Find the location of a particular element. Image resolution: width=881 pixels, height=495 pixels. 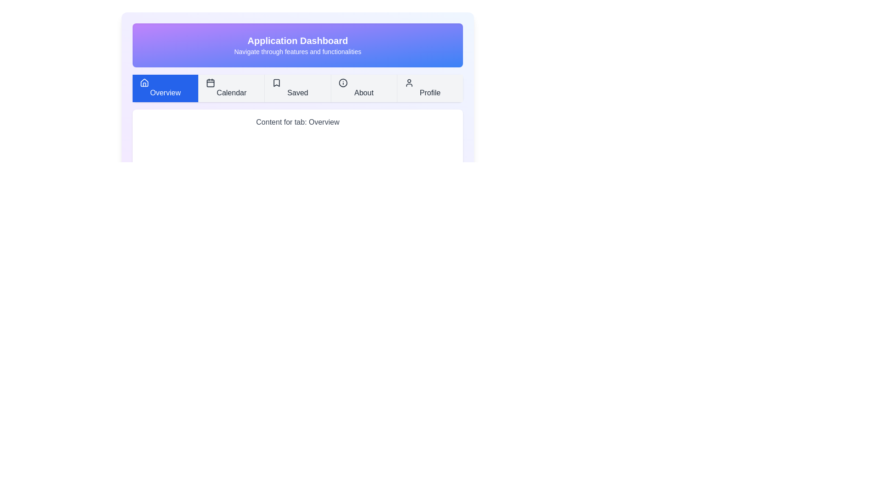

the decorative vector graphic icon representing the 'Overview' section in the navigation bar of the Application Dashboard is located at coordinates (144, 83).